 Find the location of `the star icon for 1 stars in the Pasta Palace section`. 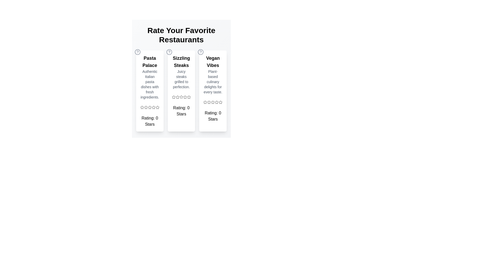

the star icon for 1 stars in the Pasta Palace section is located at coordinates (142, 107).